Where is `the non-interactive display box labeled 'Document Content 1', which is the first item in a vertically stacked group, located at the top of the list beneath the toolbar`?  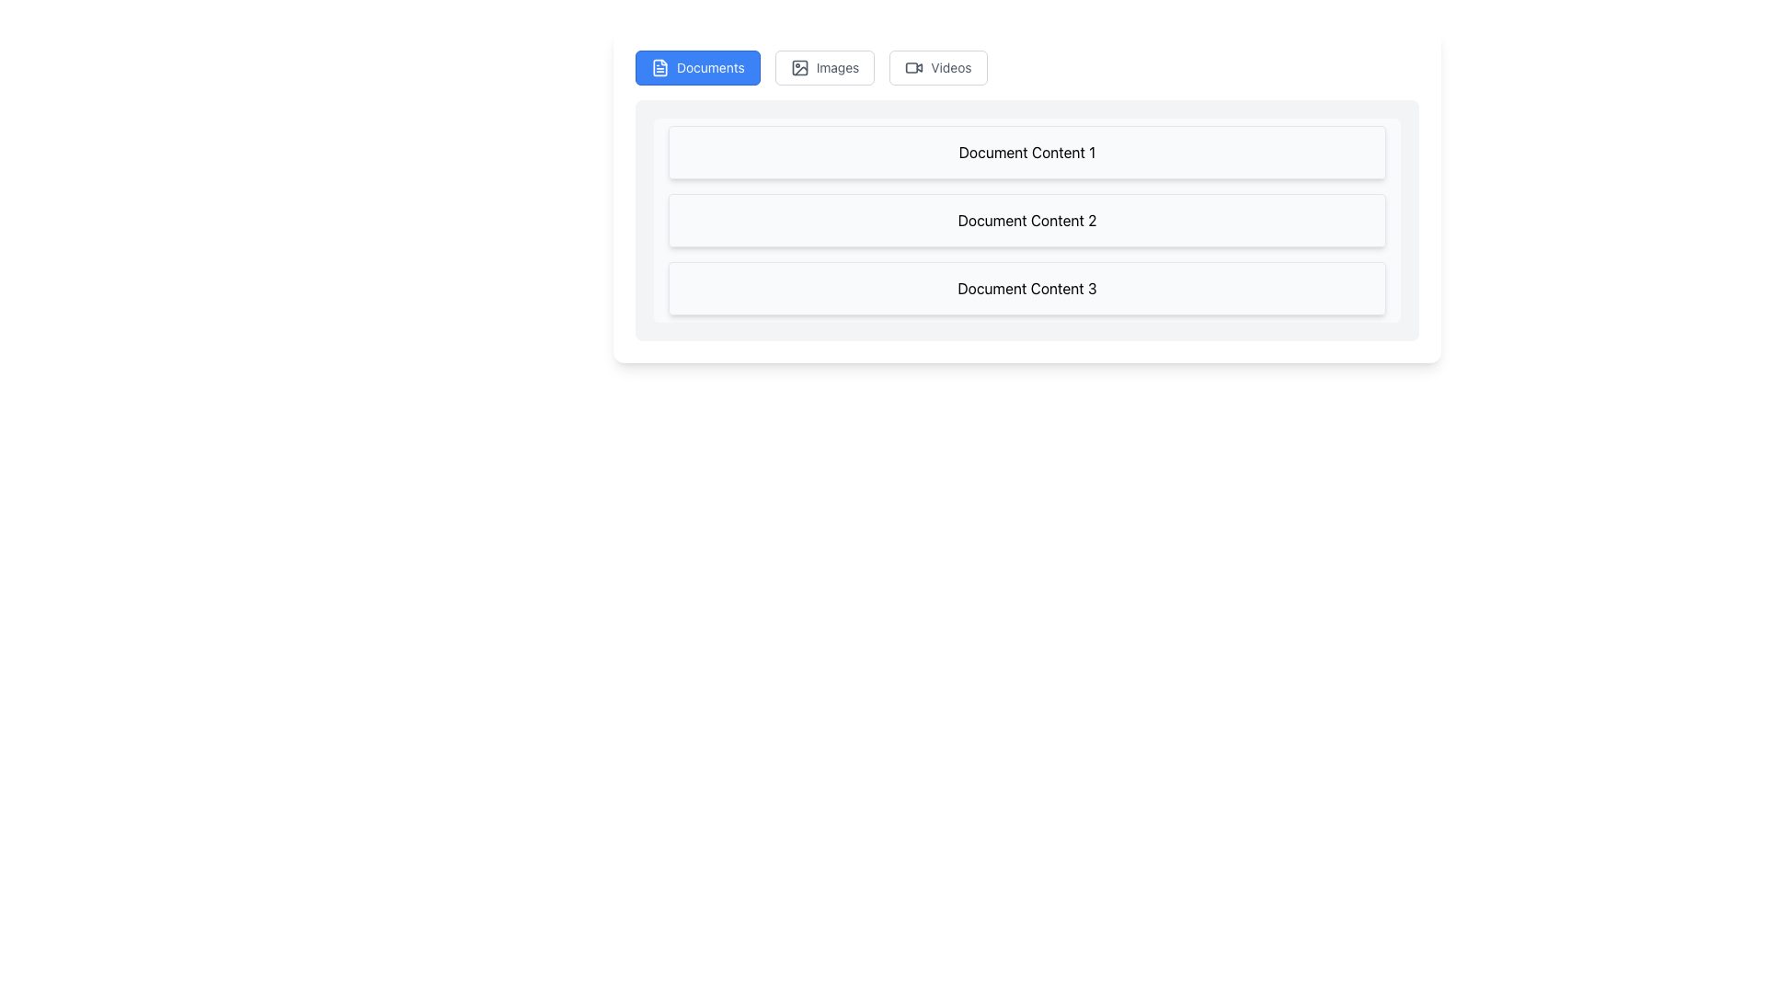 the non-interactive display box labeled 'Document Content 1', which is the first item in a vertically stacked group, located at the top of the list beneath the toolbar is located at coordinates (1026, 151).